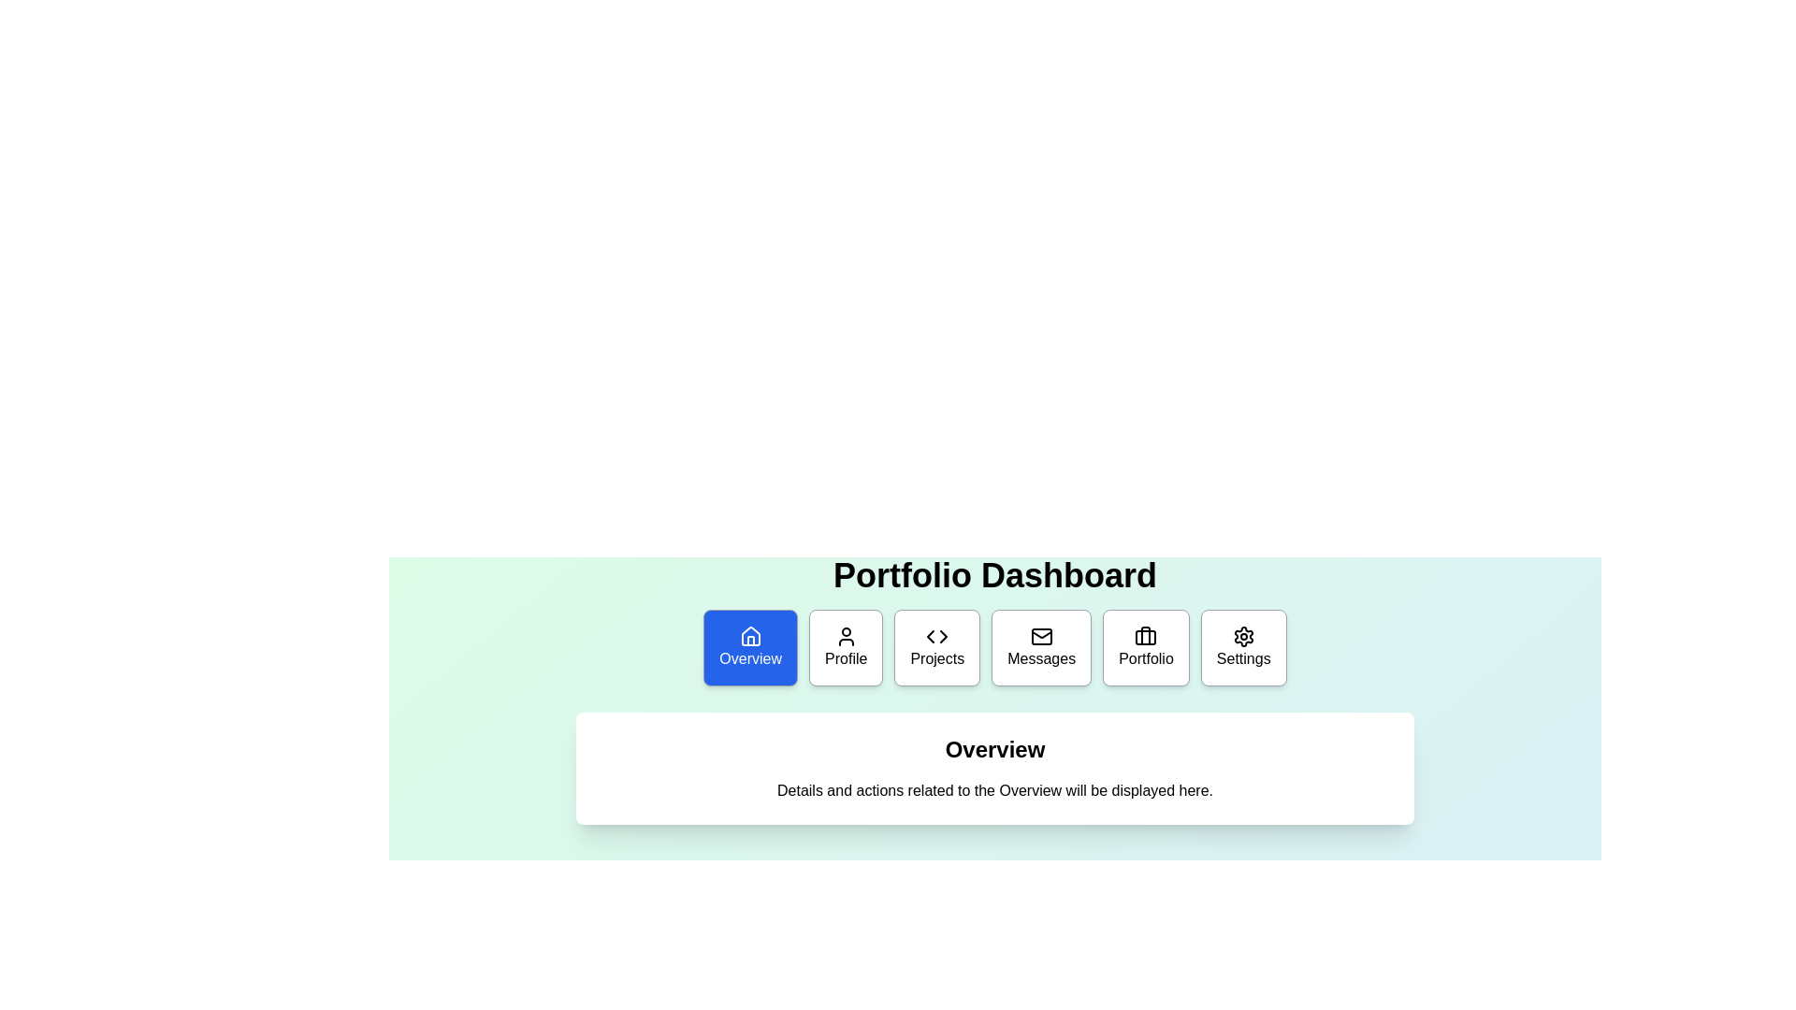  What do you see at coordinates (1040, 636) in the screenshot?
I see `the messaging icon located within the 'Messages' card in the dashboard menu, which is the fourth item from the left in the top navigation bar` at bounding box center [1040, 636].